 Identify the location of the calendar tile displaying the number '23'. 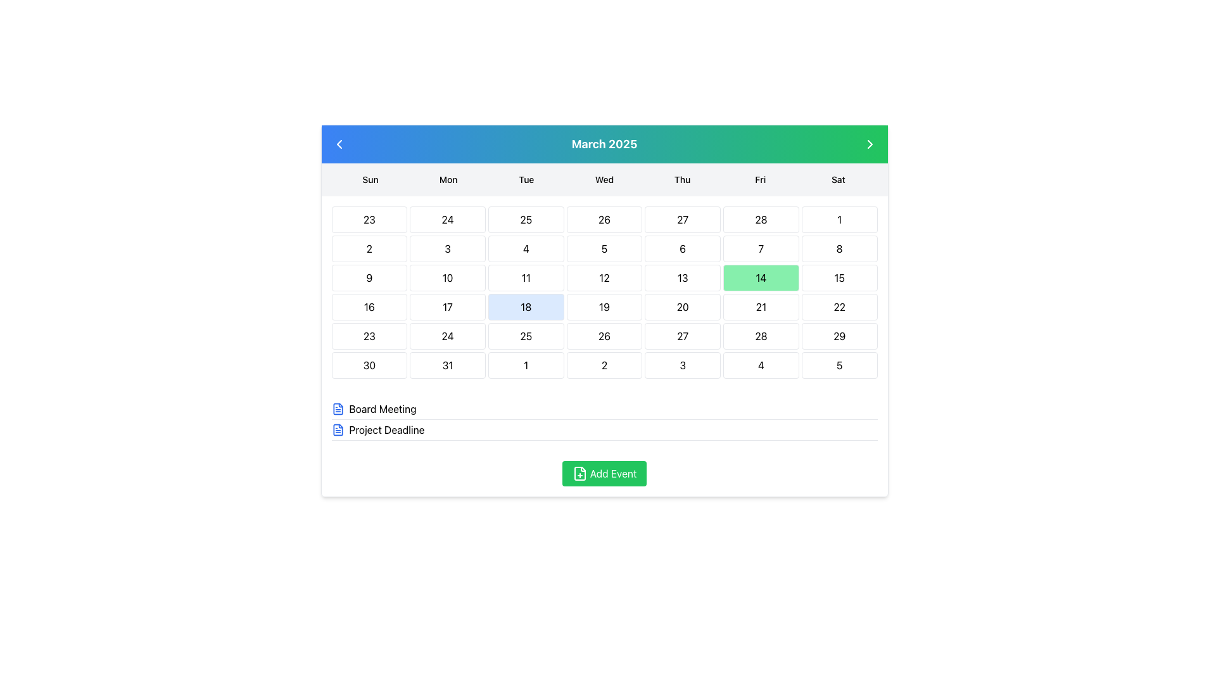
(369, 219).